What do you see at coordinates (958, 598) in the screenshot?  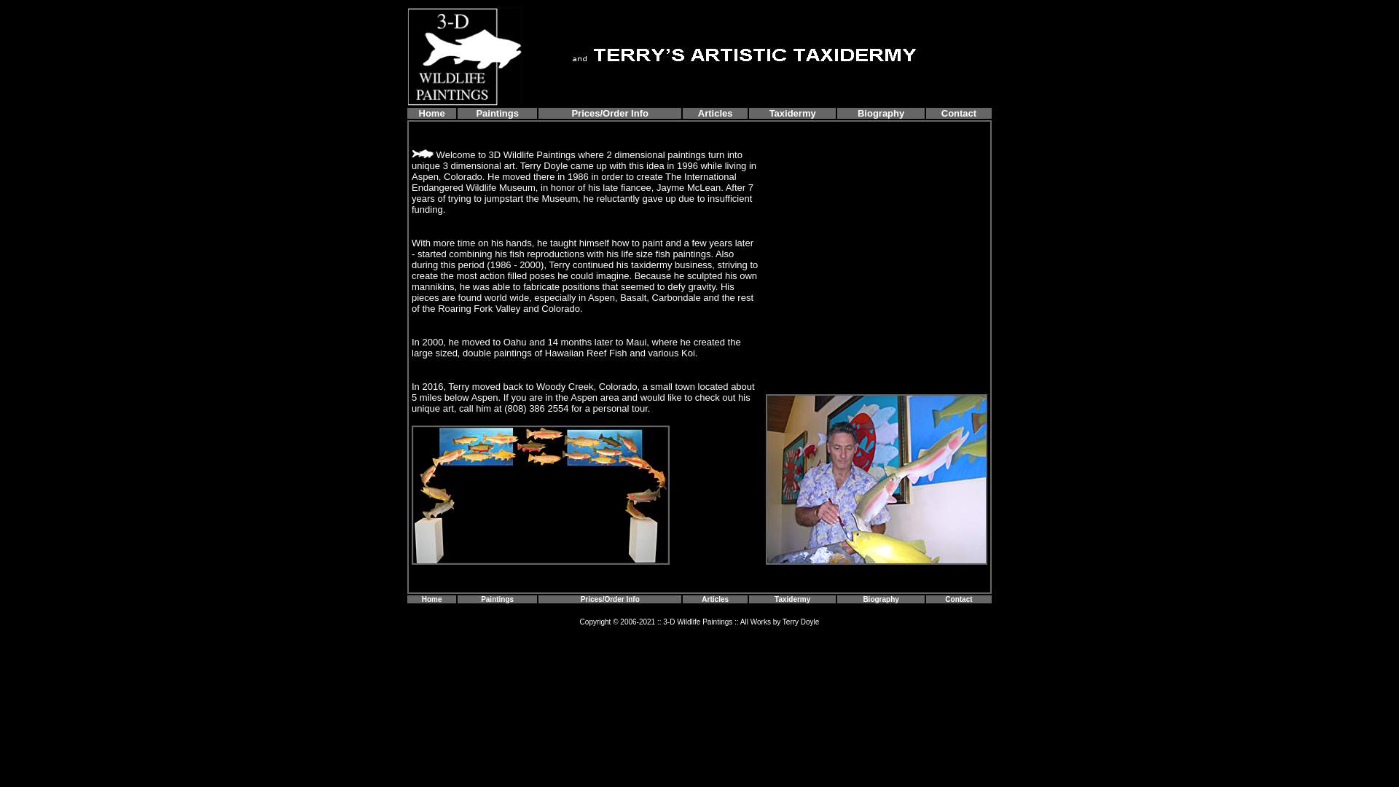 I see `'Contact'` at bounding box center [958, 598].